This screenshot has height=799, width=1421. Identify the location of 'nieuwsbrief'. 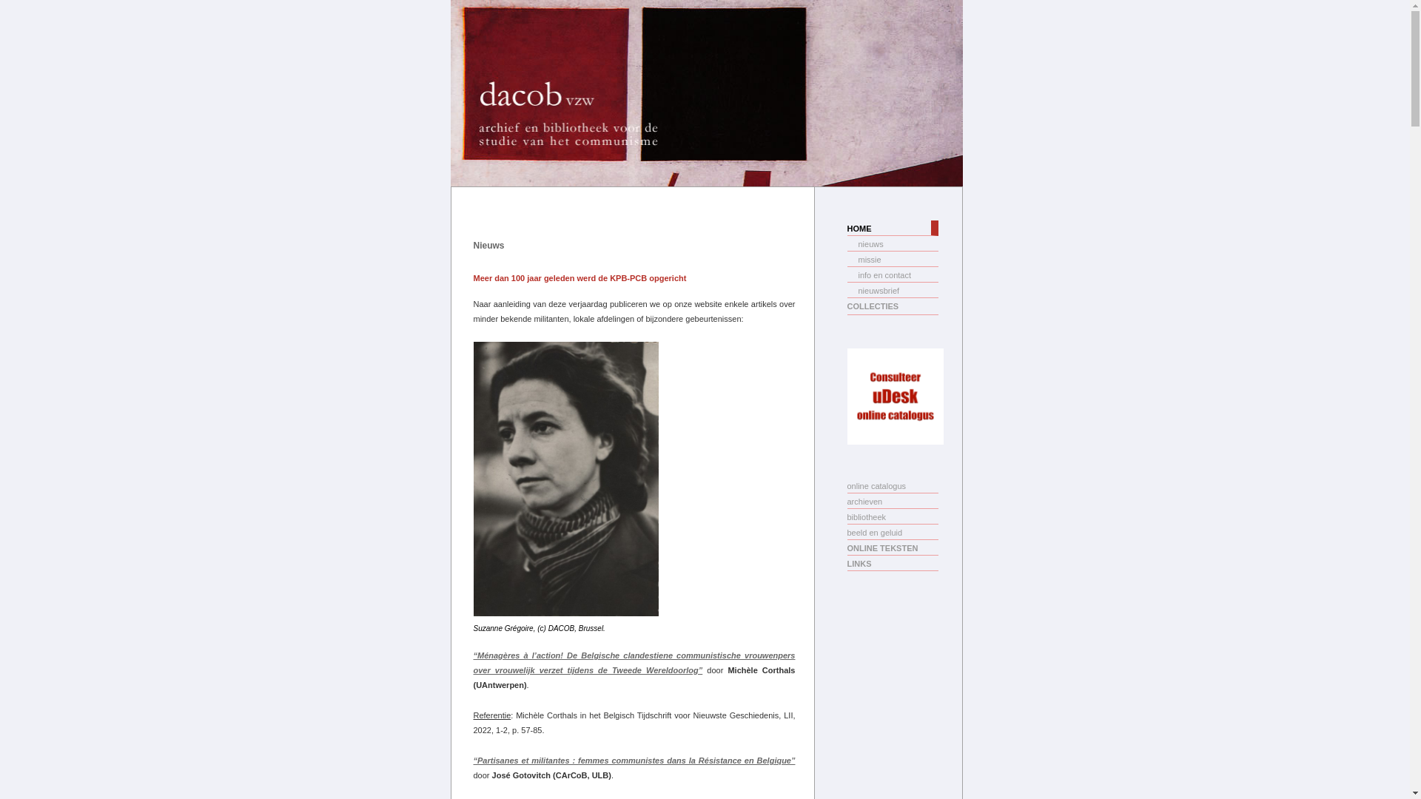
(846, 290).